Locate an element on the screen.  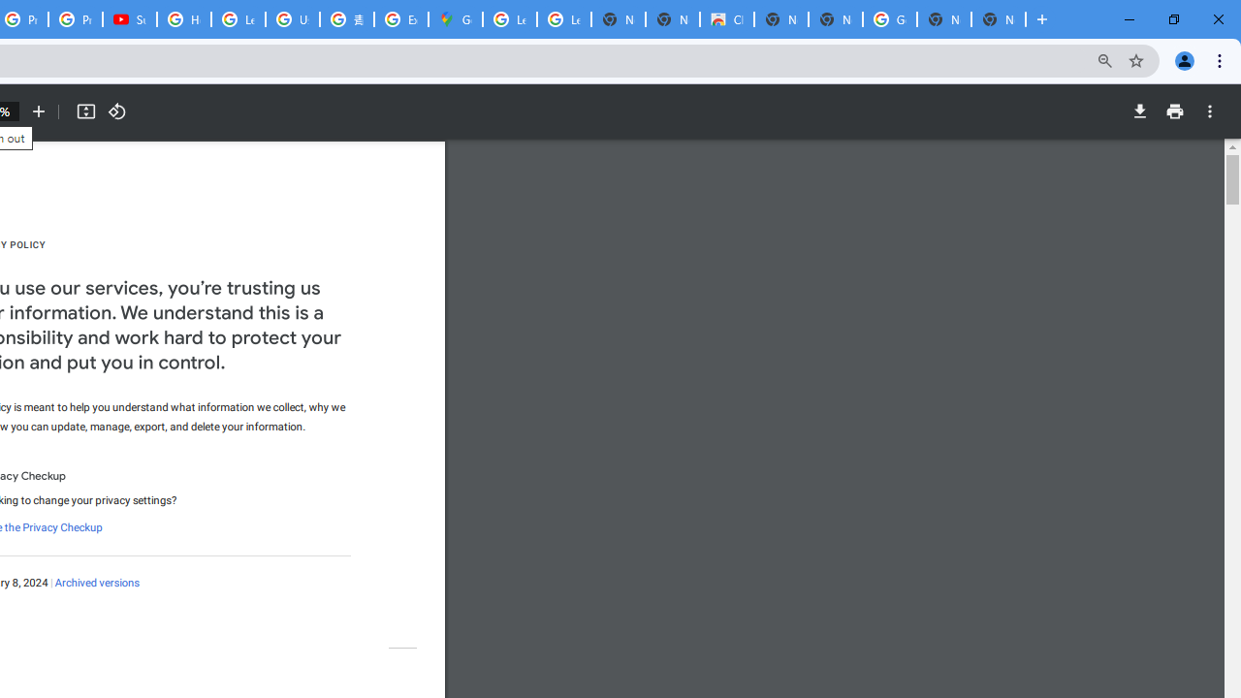
'How Chrome protects your passwords - Google Chrome Help' is located at coordinates (184, 19).